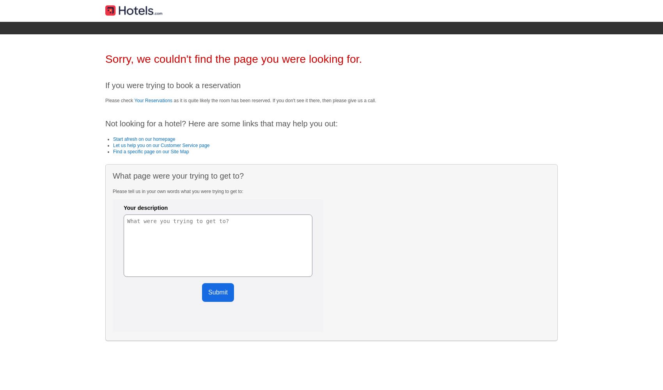  What do you see at coordinates (113, 152) in the screenshot?
I see `'Find a specific page on our Site Map'` at bounding box center [113, 152].